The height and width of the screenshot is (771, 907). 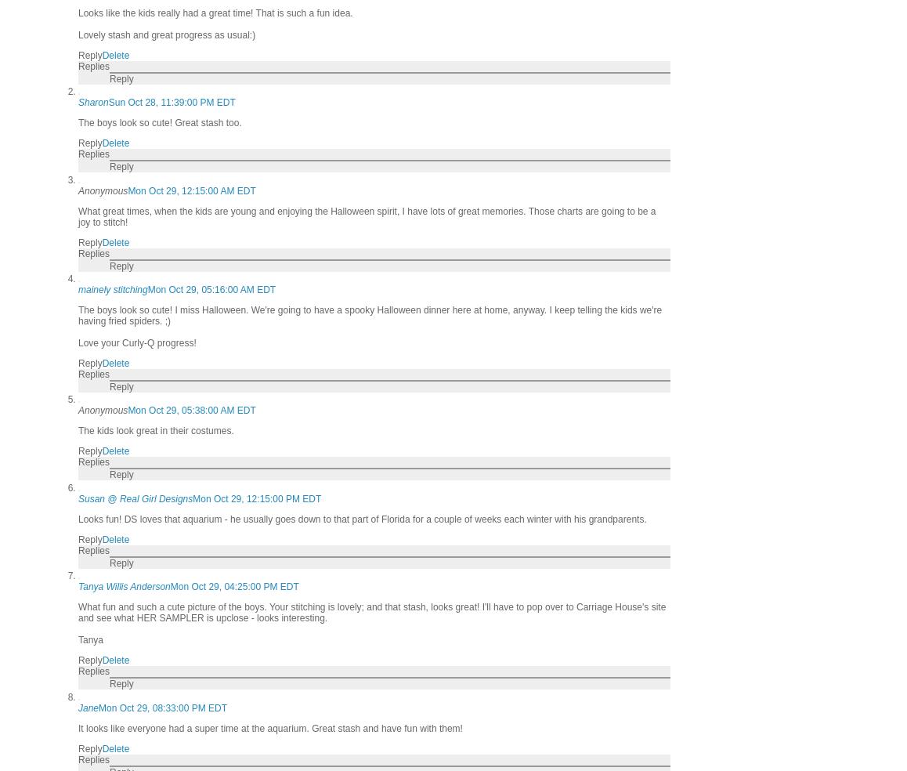 What do you see at coordinates (269, 727) in the screenshot?
I see `'It looks like everyone had a super time at the aquarium. Great stash and have fun with them!'` at bounding box center [269, 727].